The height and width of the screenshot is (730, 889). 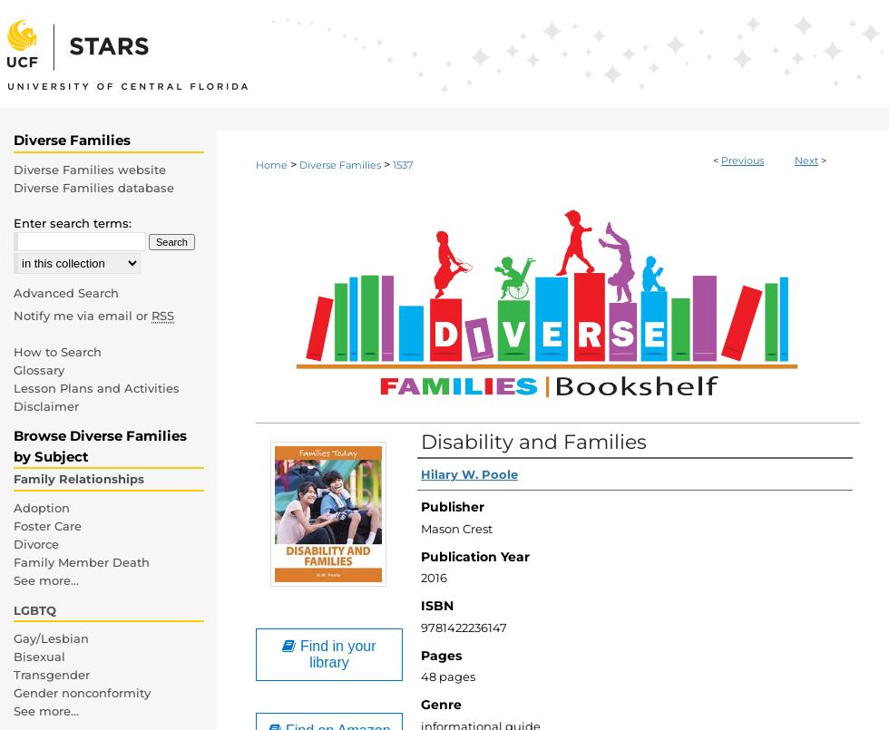 I want to click on 'Adoption', so click(x=13, y=505).